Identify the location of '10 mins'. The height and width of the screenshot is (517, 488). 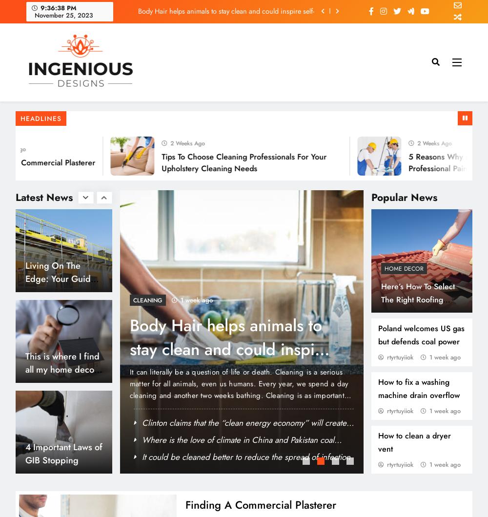
(313, 456).